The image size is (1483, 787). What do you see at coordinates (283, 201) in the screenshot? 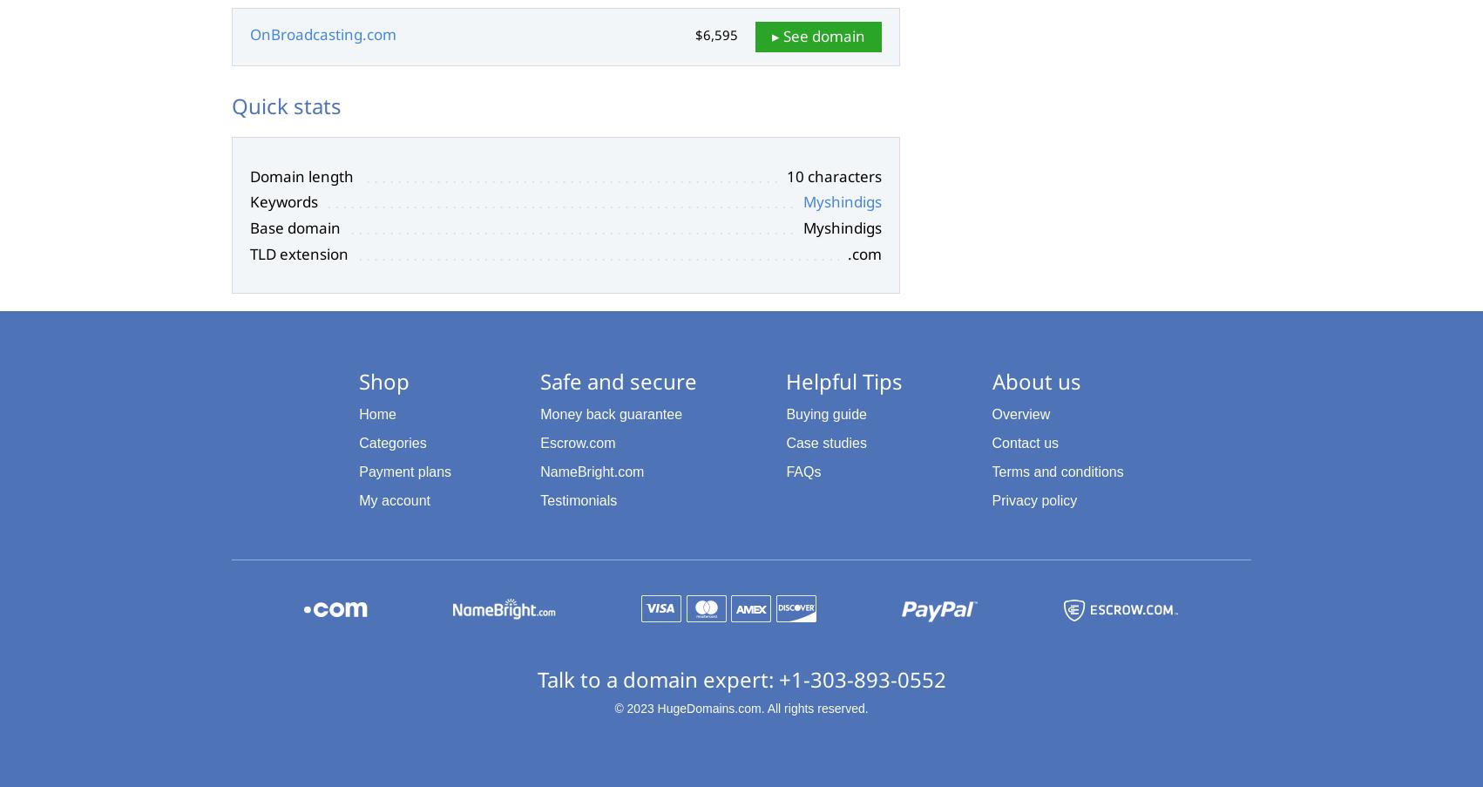
I see `'Keywords'` at bounding box center [283, 201].